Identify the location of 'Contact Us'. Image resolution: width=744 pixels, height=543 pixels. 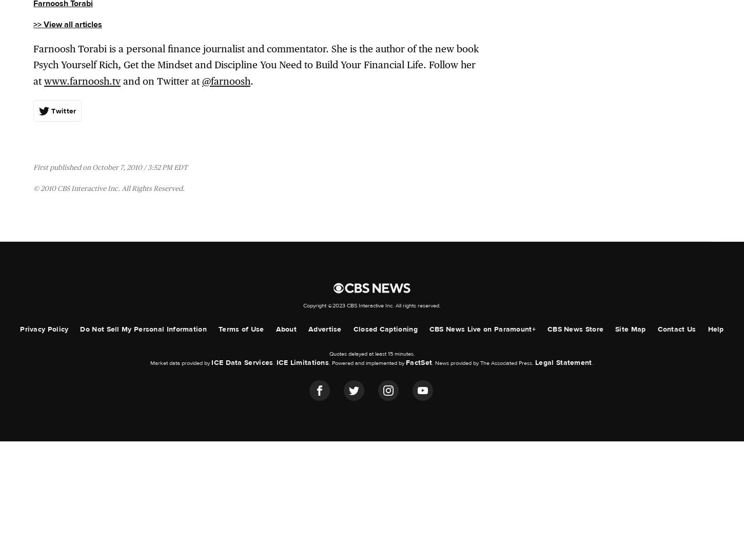
(676, 328).